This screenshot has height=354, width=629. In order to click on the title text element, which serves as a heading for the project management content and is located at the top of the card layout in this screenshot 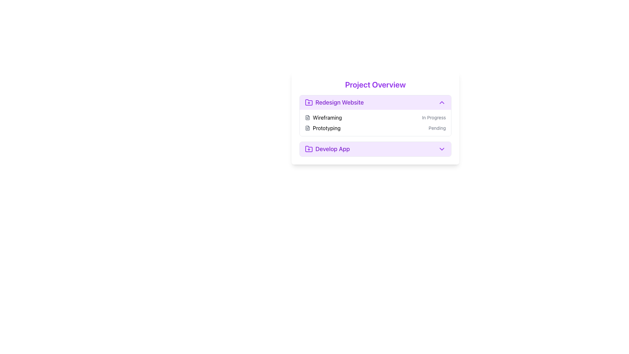, I will do `click(375, 84)`.